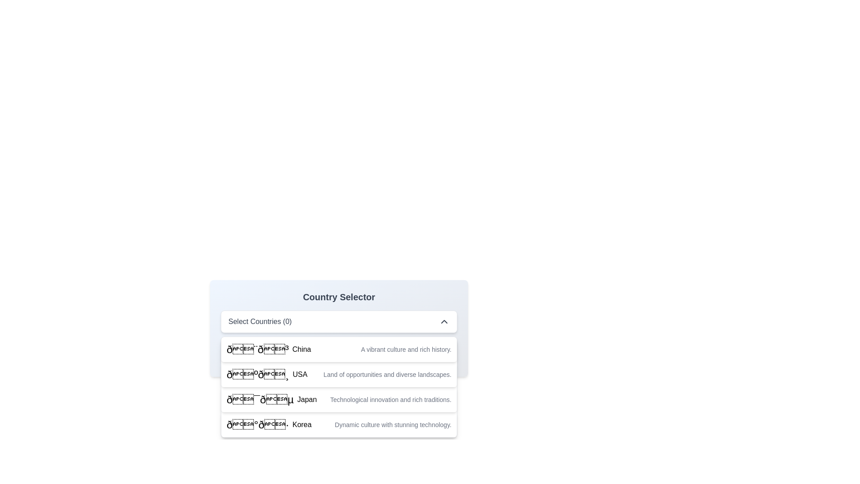 This screenshot has width=860, height=484. I want to click on text 'Korea' and the flag symbol representing Korea from the last selectable entry in the dropdown menu, which consists of a flag on the left and the text on the right, so click(268, 424).